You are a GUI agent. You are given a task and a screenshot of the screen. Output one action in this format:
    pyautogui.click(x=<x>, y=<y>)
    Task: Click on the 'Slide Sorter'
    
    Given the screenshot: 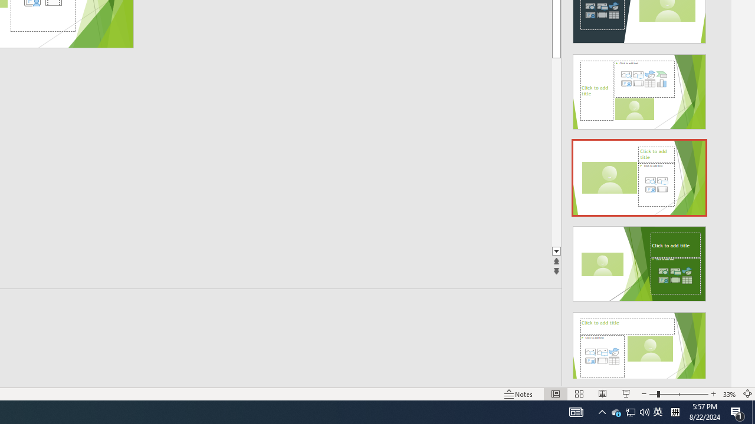 What is the action you would take?
    pyautogui.click(x=579, y=394)
    